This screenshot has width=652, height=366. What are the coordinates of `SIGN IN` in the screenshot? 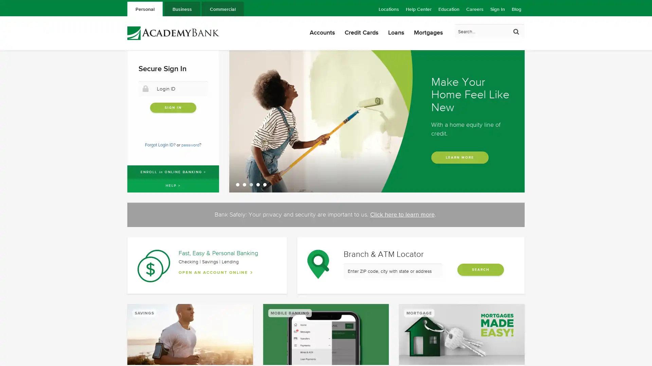 It's located at (173, 107).